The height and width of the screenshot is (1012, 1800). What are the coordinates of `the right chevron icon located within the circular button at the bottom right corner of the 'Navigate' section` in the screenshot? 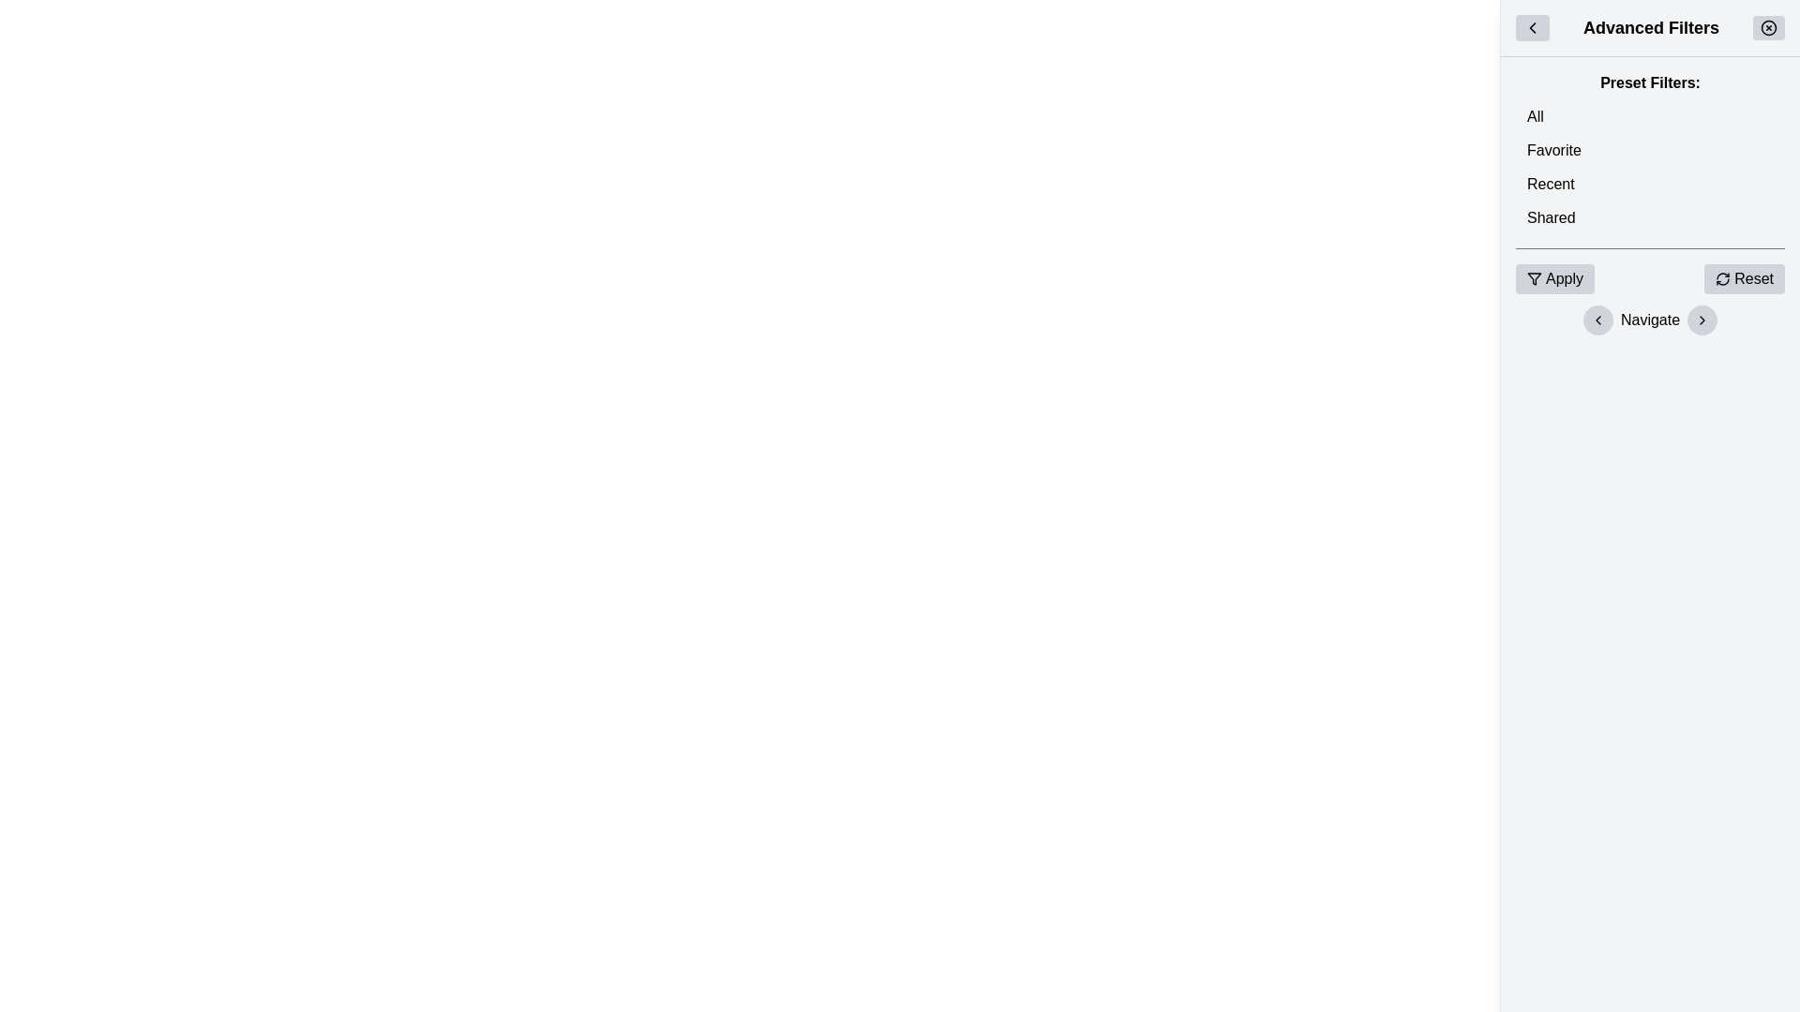 It's located at (1702, 320).